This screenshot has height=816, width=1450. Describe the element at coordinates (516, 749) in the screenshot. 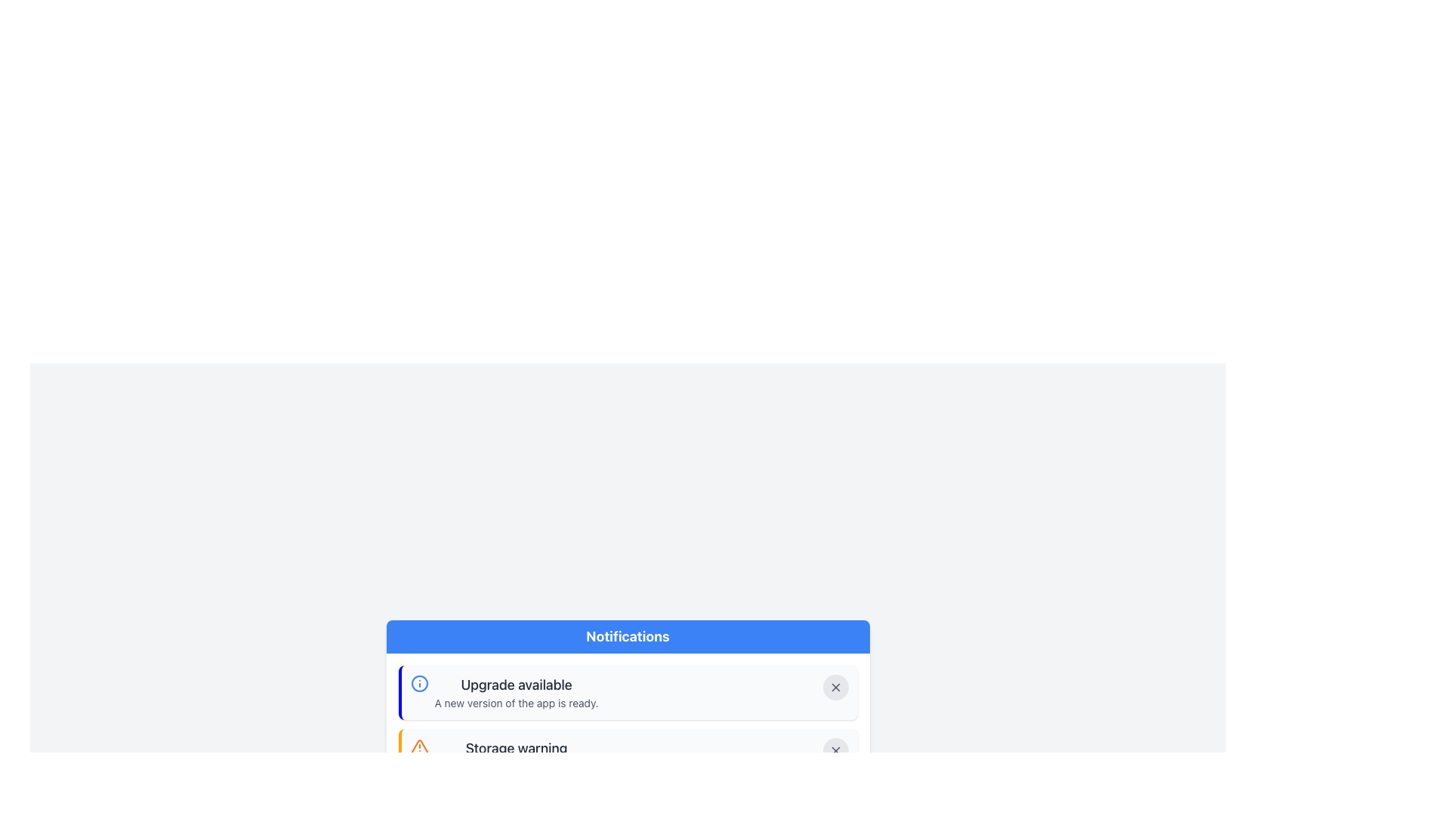

I see `the text label displaying 'Storage warning'` at that location.